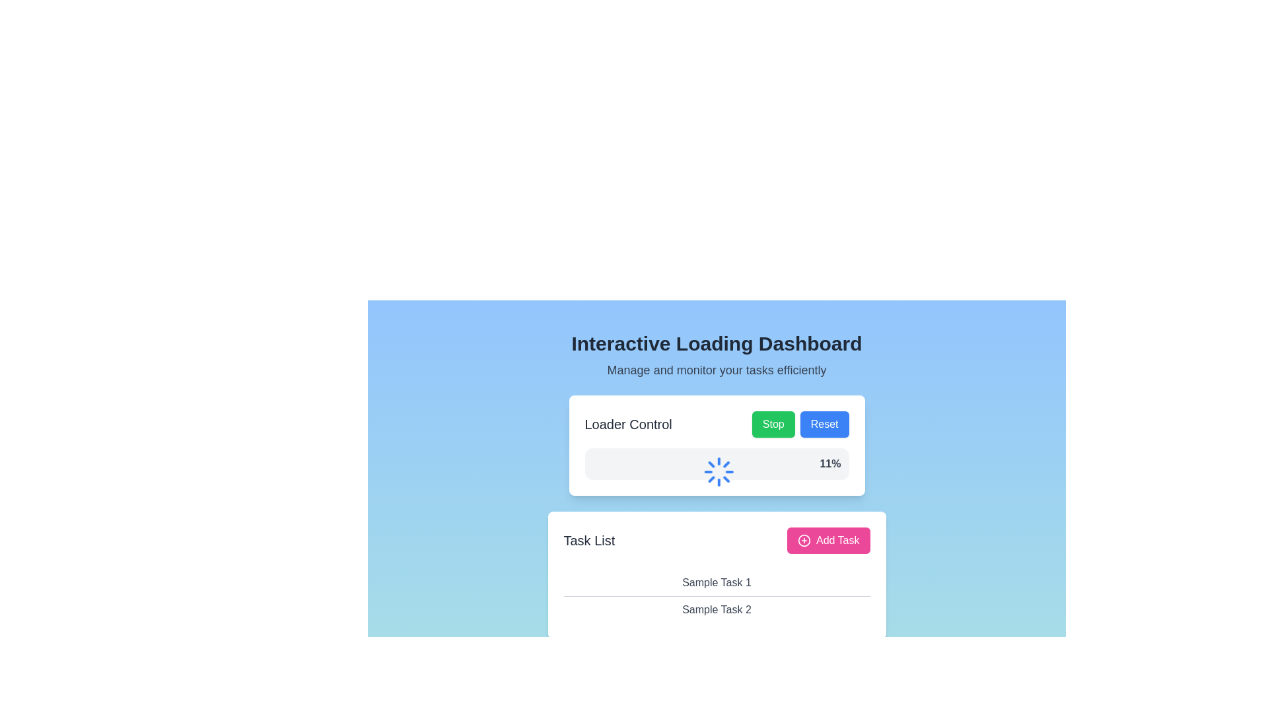  Describe the element at coordinates (824, 424) in the screenshot. I see `the reset button located in the top-right corner beside the green 'Stop' button` at that location.